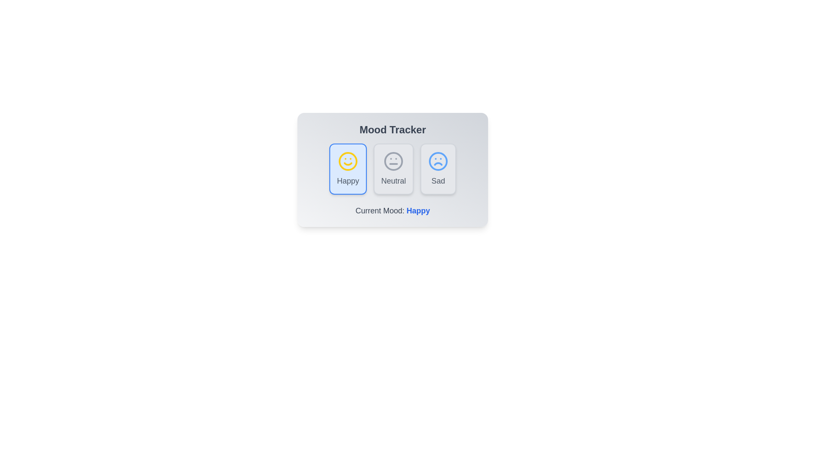 The image size is (817, 460). Describe the element at coordinates (438, 169) in the screenshot. I see `the mood button to select the mood Sad` at that location.